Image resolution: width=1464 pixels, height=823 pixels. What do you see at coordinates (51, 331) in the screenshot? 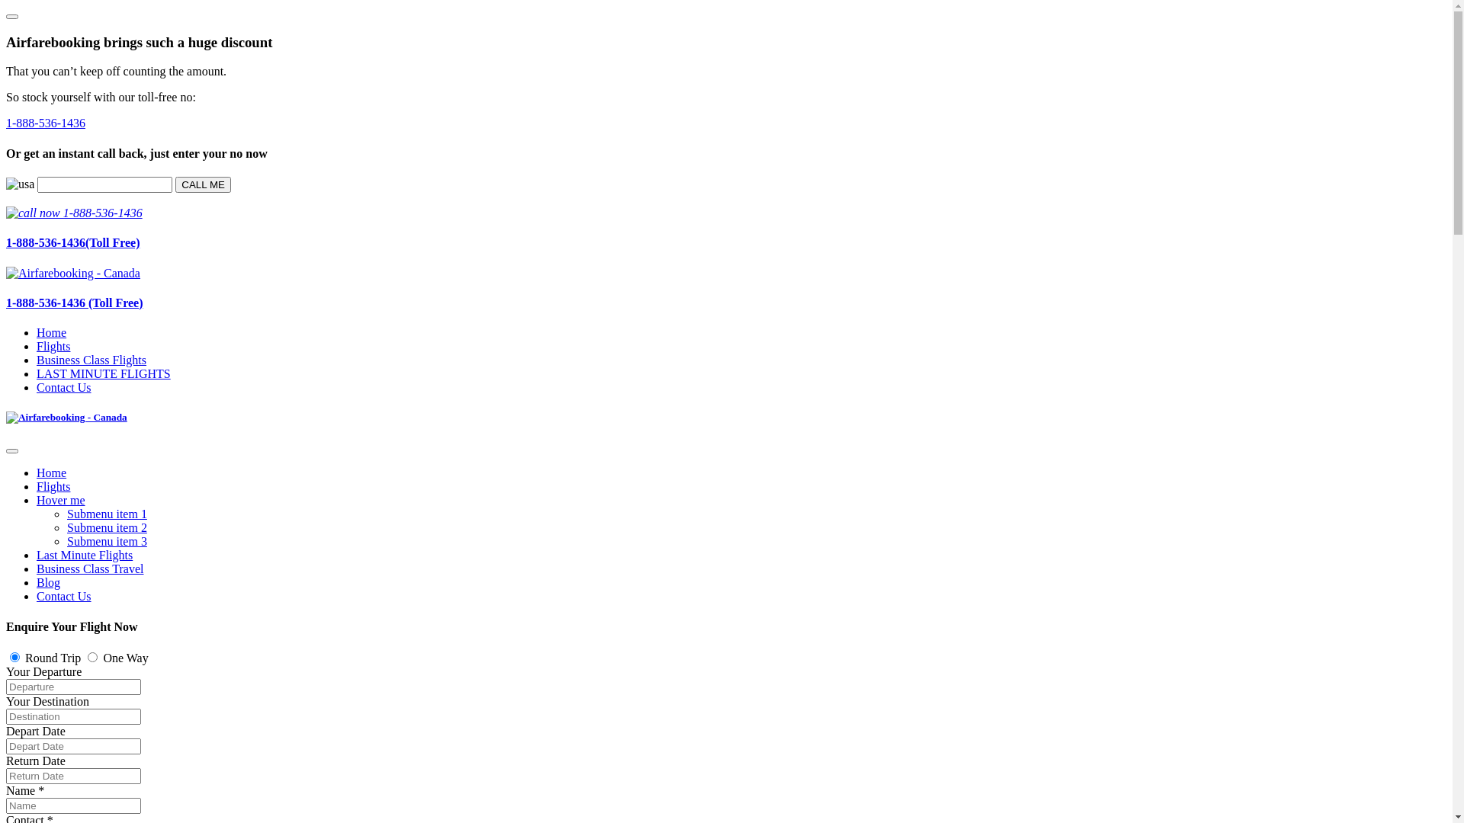
I see `'Home'` at bounding box center [51, 331].